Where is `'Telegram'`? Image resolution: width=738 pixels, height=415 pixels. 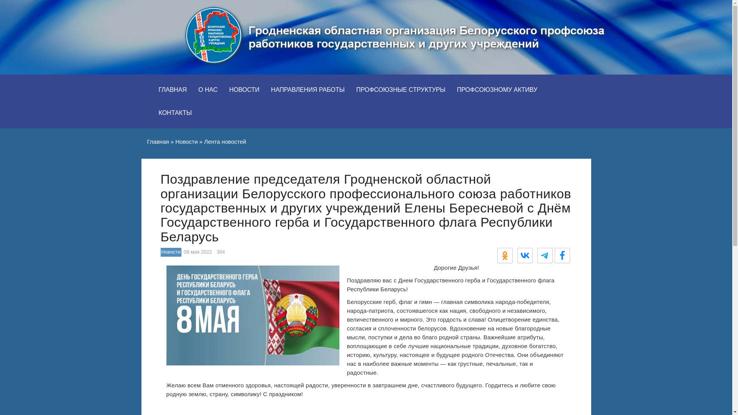
'Telegram' is located at coordinates (537, 255).